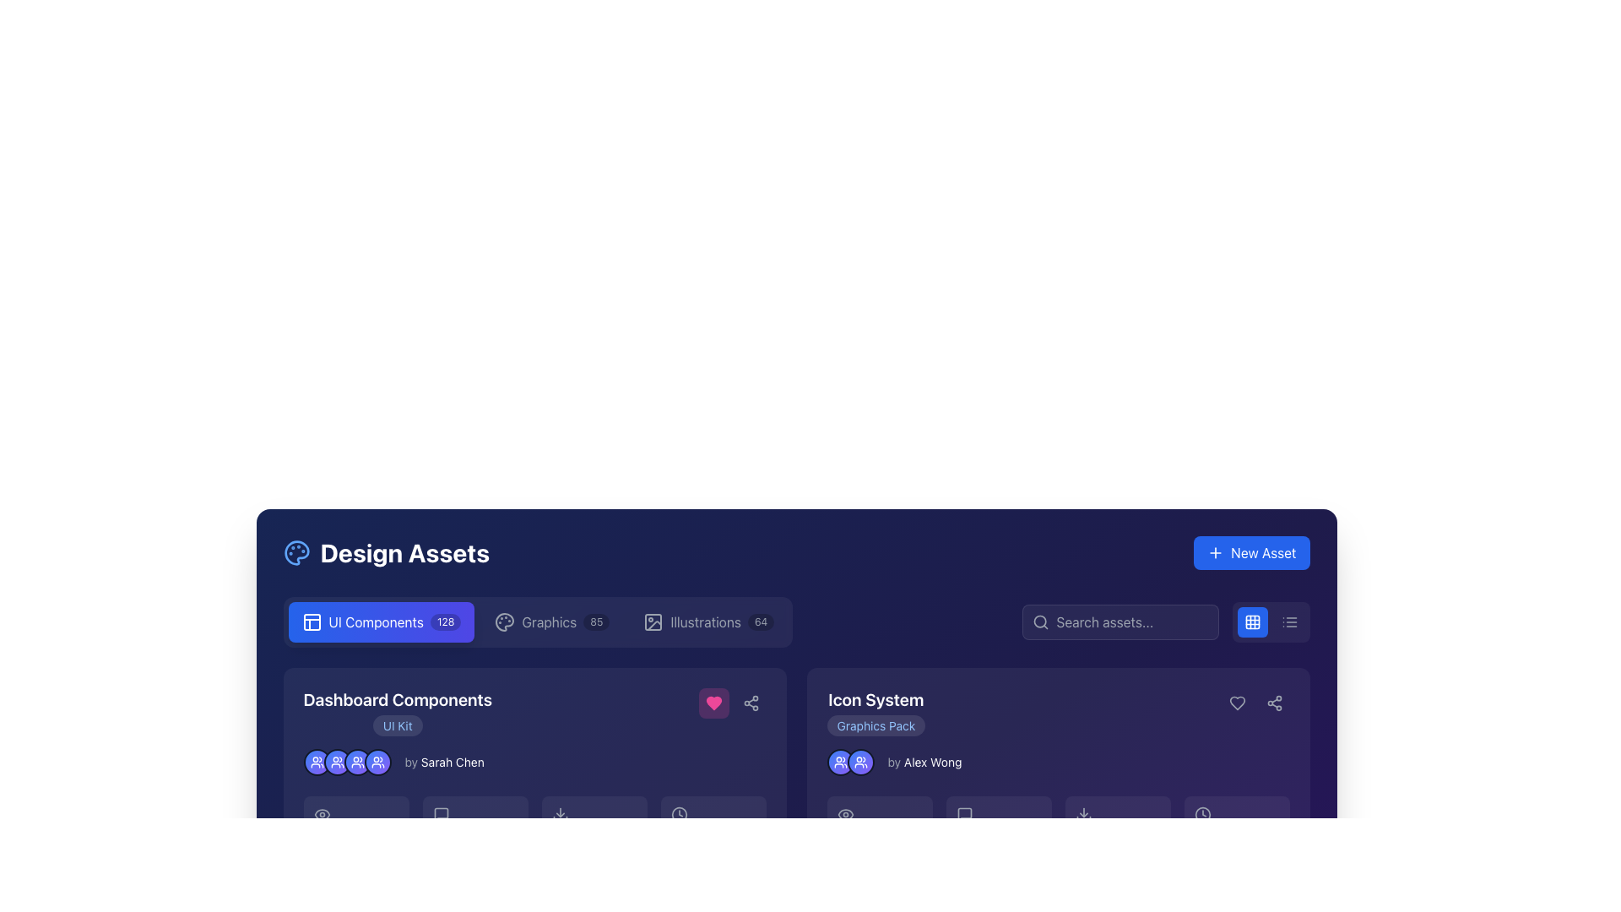 This screenshot has height=912, width=1621. What do you see at coordinates (1083, 813) in the screenshot?
I see `the download icon located at the bottom-center of the card displaying '567' to initiate the download` at bounding box center [1083, 813].